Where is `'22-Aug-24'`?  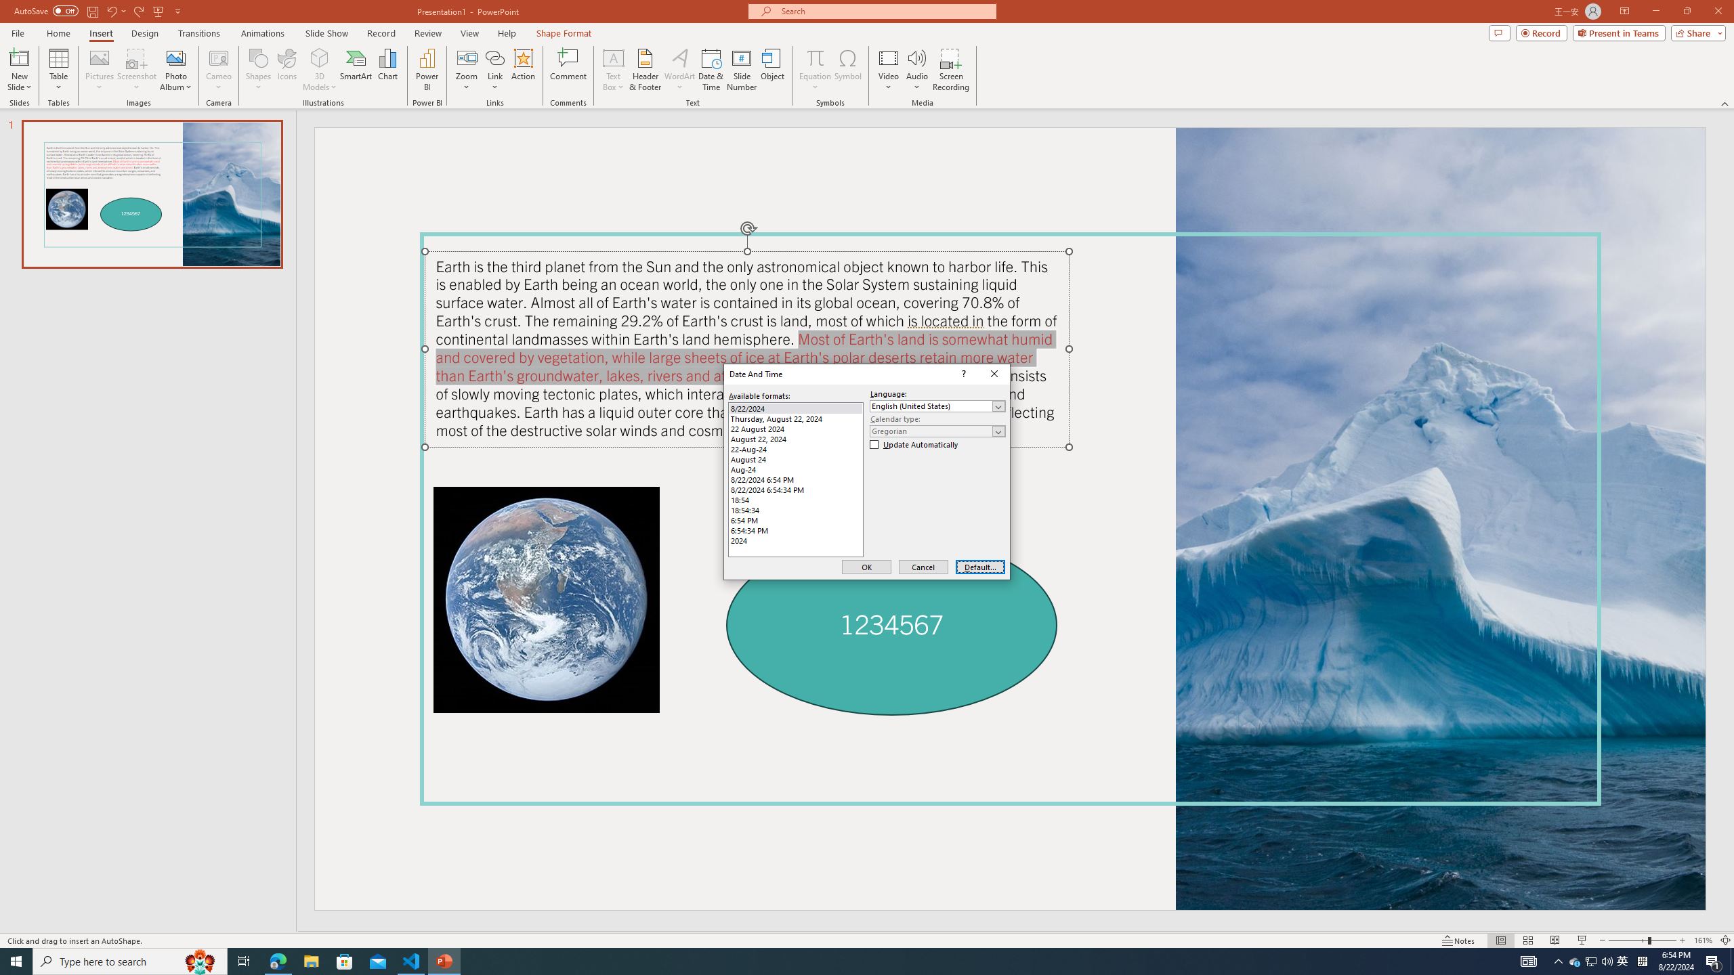 '22-Aug-24' is located at coordinates (795, 448).